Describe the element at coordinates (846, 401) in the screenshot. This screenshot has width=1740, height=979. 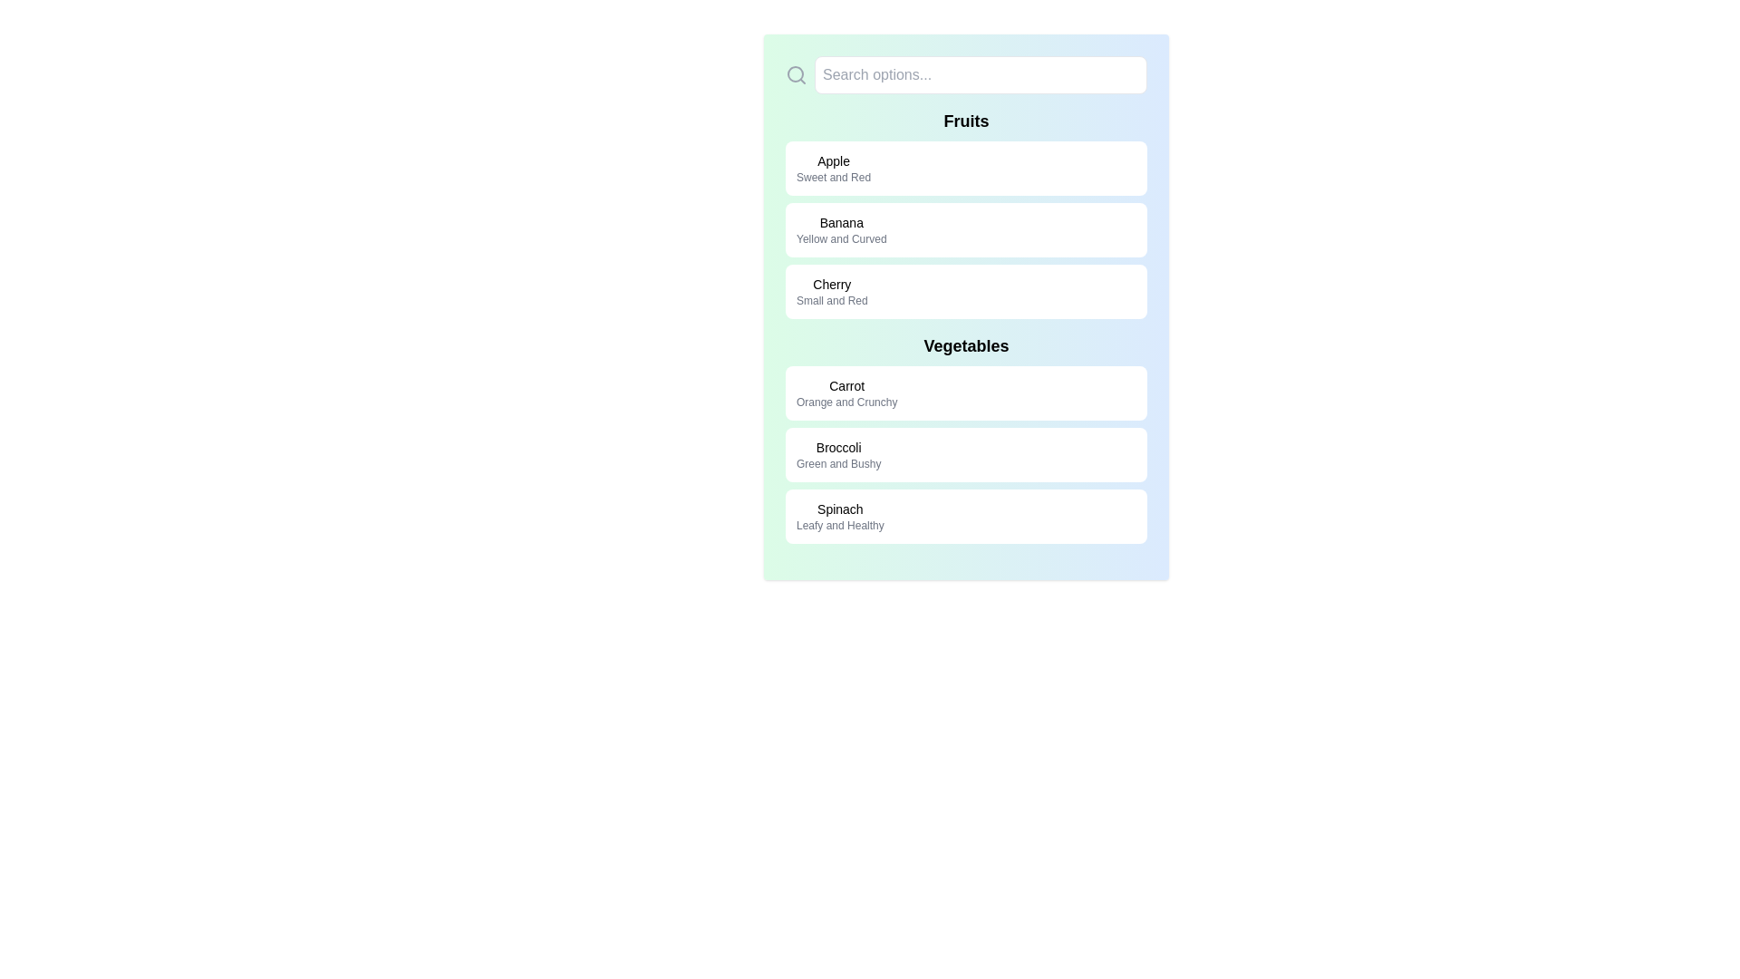
I see `the descriptive text label element located beneath the 'Carrot' title in the 'Vegetables' section` at that location.